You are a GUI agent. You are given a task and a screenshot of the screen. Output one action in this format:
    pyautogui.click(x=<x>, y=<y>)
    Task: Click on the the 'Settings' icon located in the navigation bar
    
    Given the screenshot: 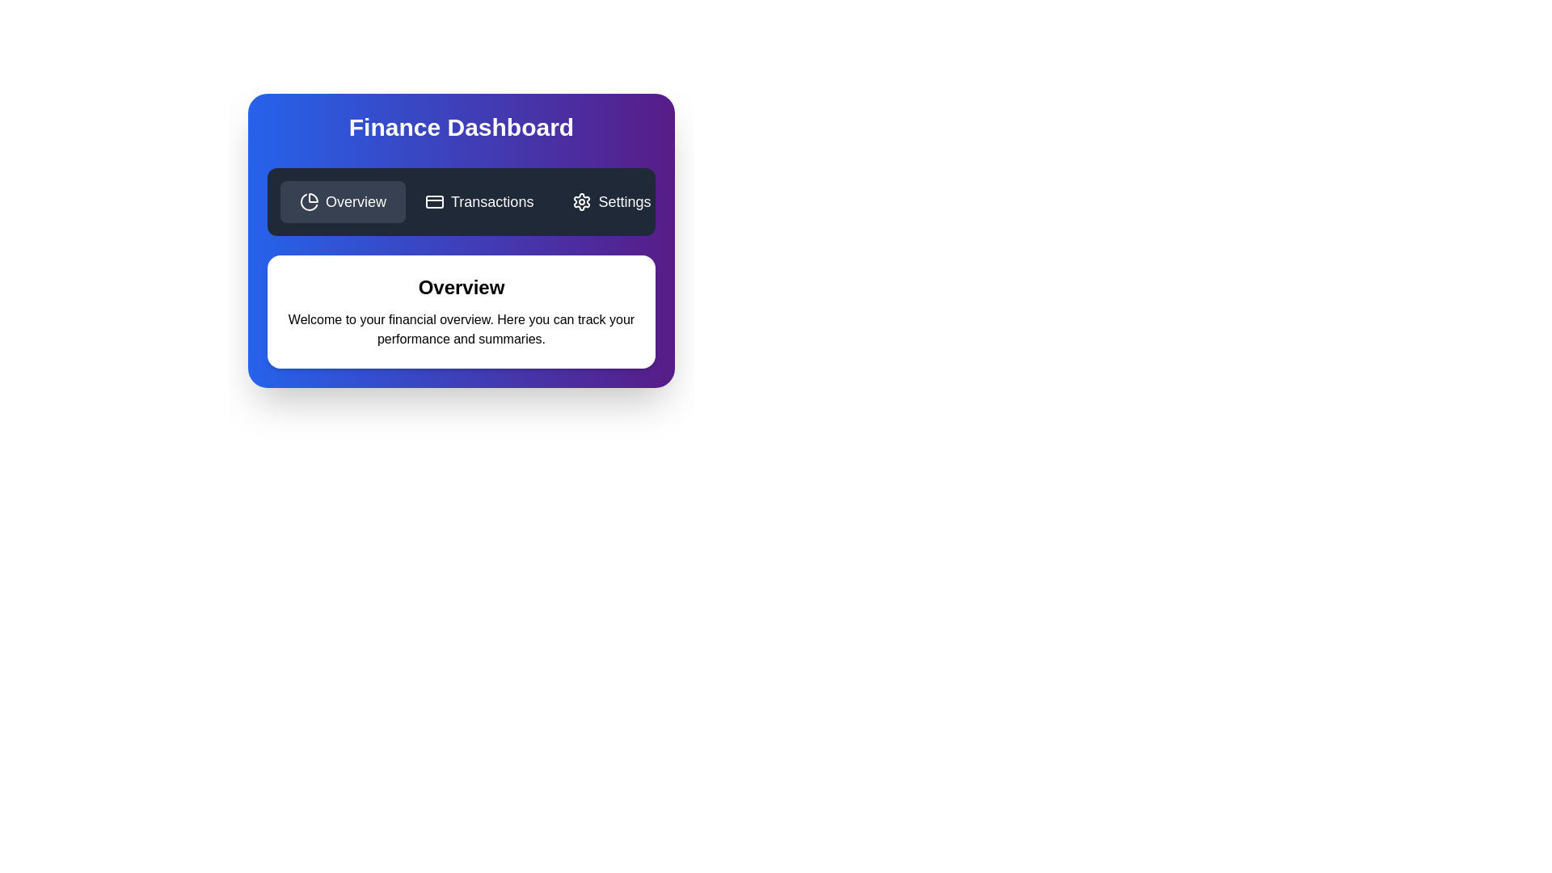 What is the action you would take?
    pyautogui.click(x=582, y=201)
    